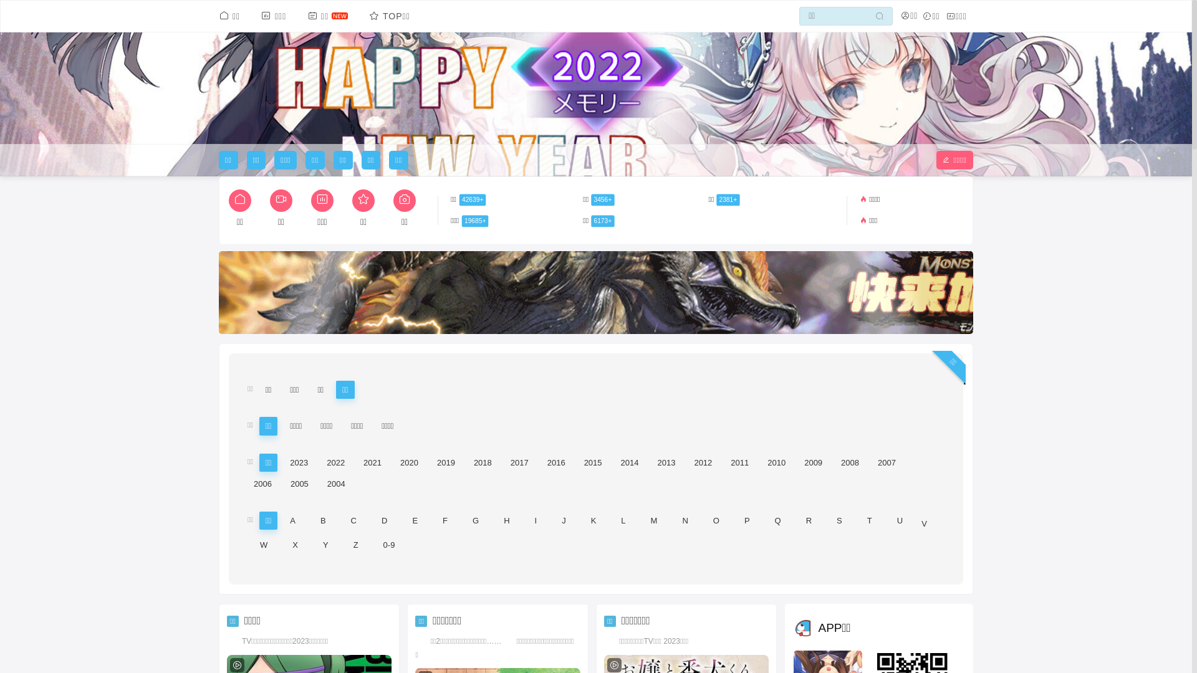  I want to click on 'F', so click(445, 520).